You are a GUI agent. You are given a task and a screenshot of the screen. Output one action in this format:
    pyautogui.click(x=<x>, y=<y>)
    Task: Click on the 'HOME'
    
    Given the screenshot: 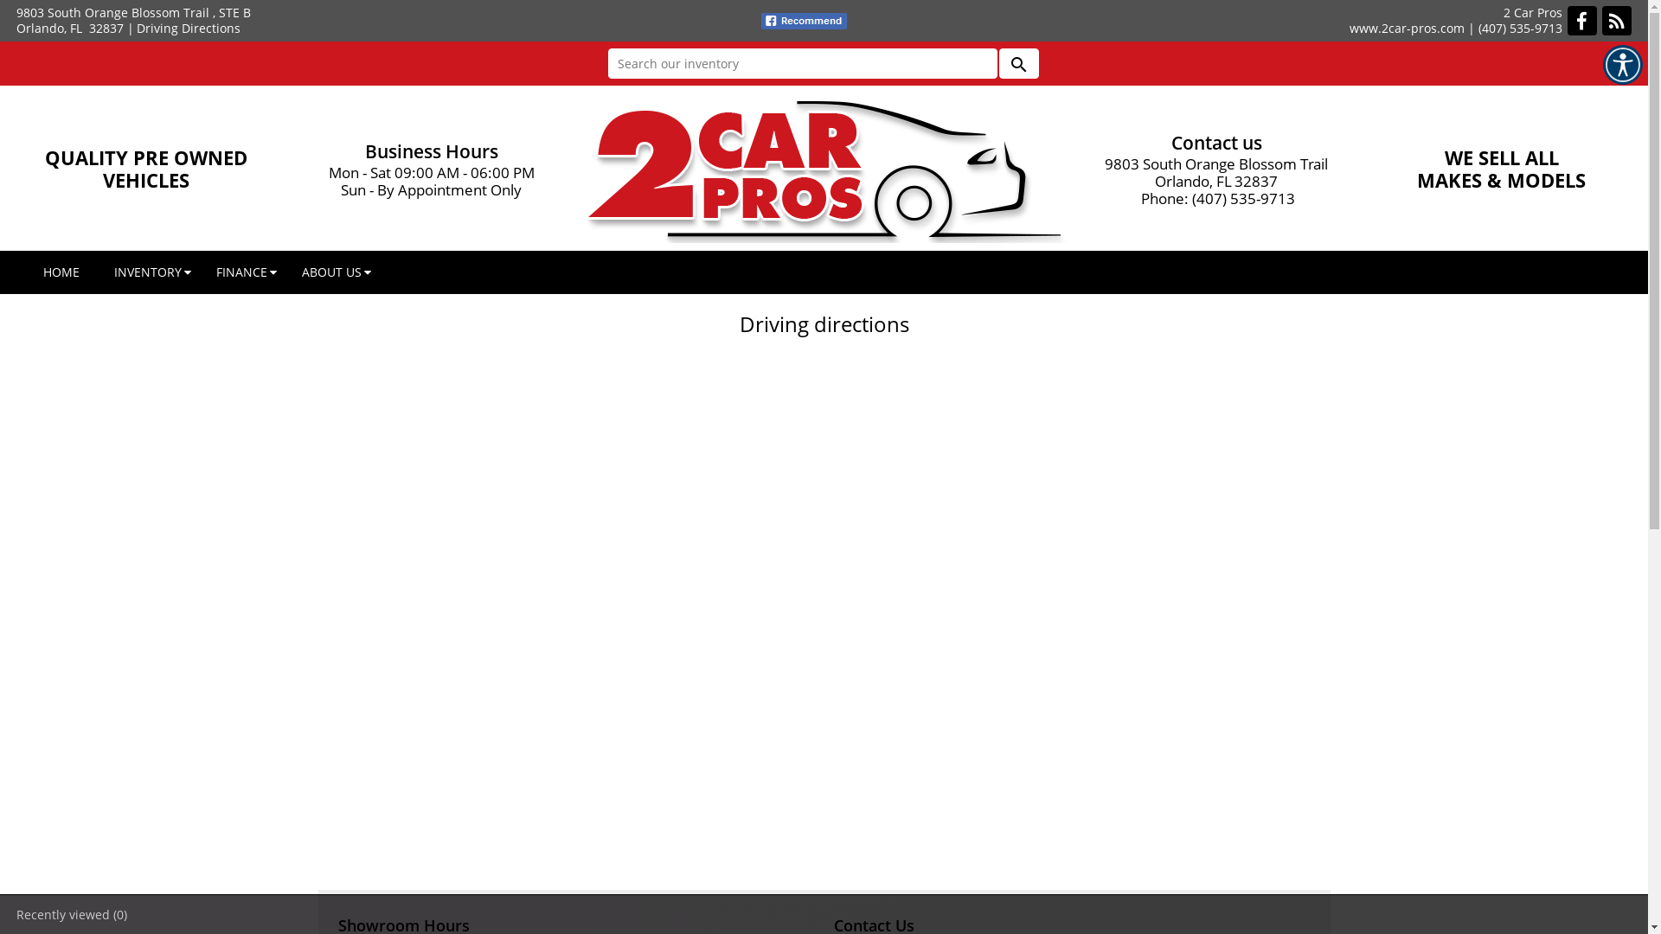 What is the action you would take?
    pyautogui.click(x=25, y=272)
    